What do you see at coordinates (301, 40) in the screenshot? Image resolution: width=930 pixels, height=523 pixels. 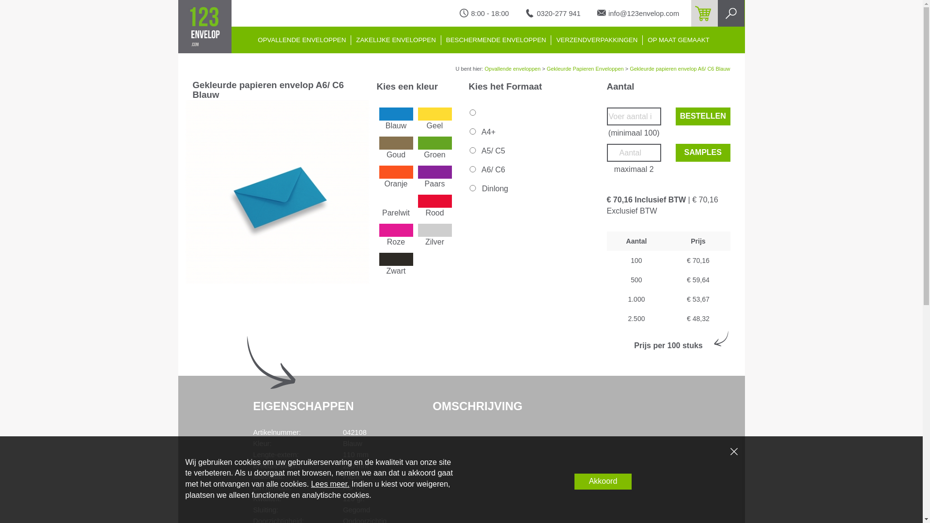 I see `'OPVALLENDE ENVELOPPEN'` at bounding box center [301, 40].